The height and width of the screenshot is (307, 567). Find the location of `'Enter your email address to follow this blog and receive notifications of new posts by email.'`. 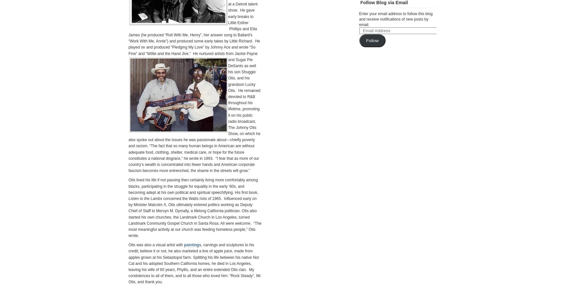

'Enter your email address to follow this blog and receive notifications of new posts by email.' is located at coordinates (395, 19).